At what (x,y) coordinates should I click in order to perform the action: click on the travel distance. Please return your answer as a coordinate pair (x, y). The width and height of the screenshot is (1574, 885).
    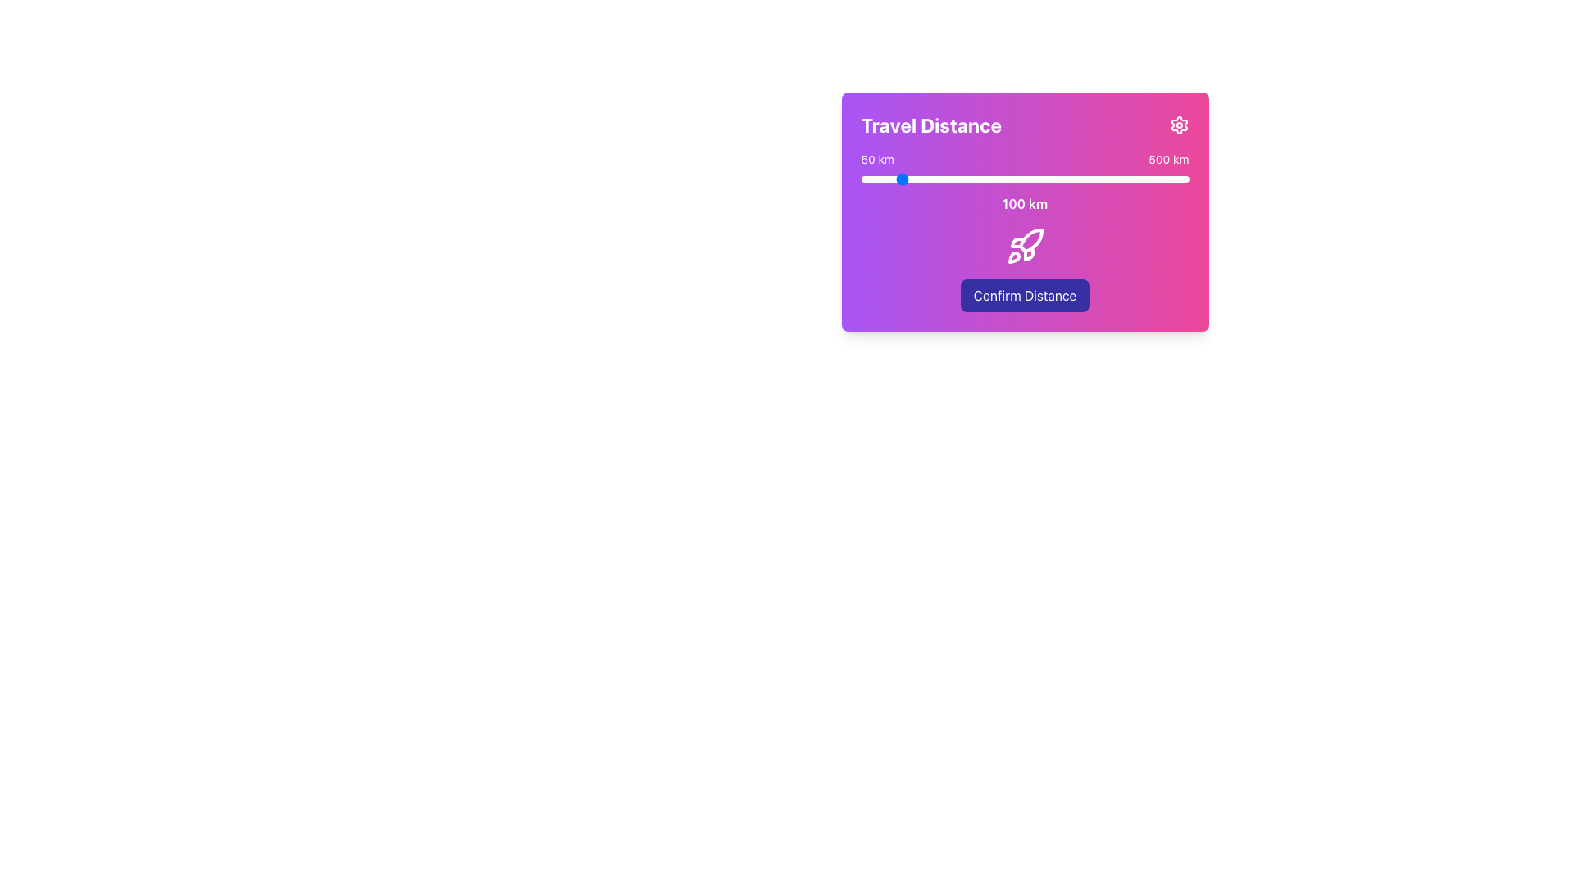
    Looking at the image, I should click on (921, 179).